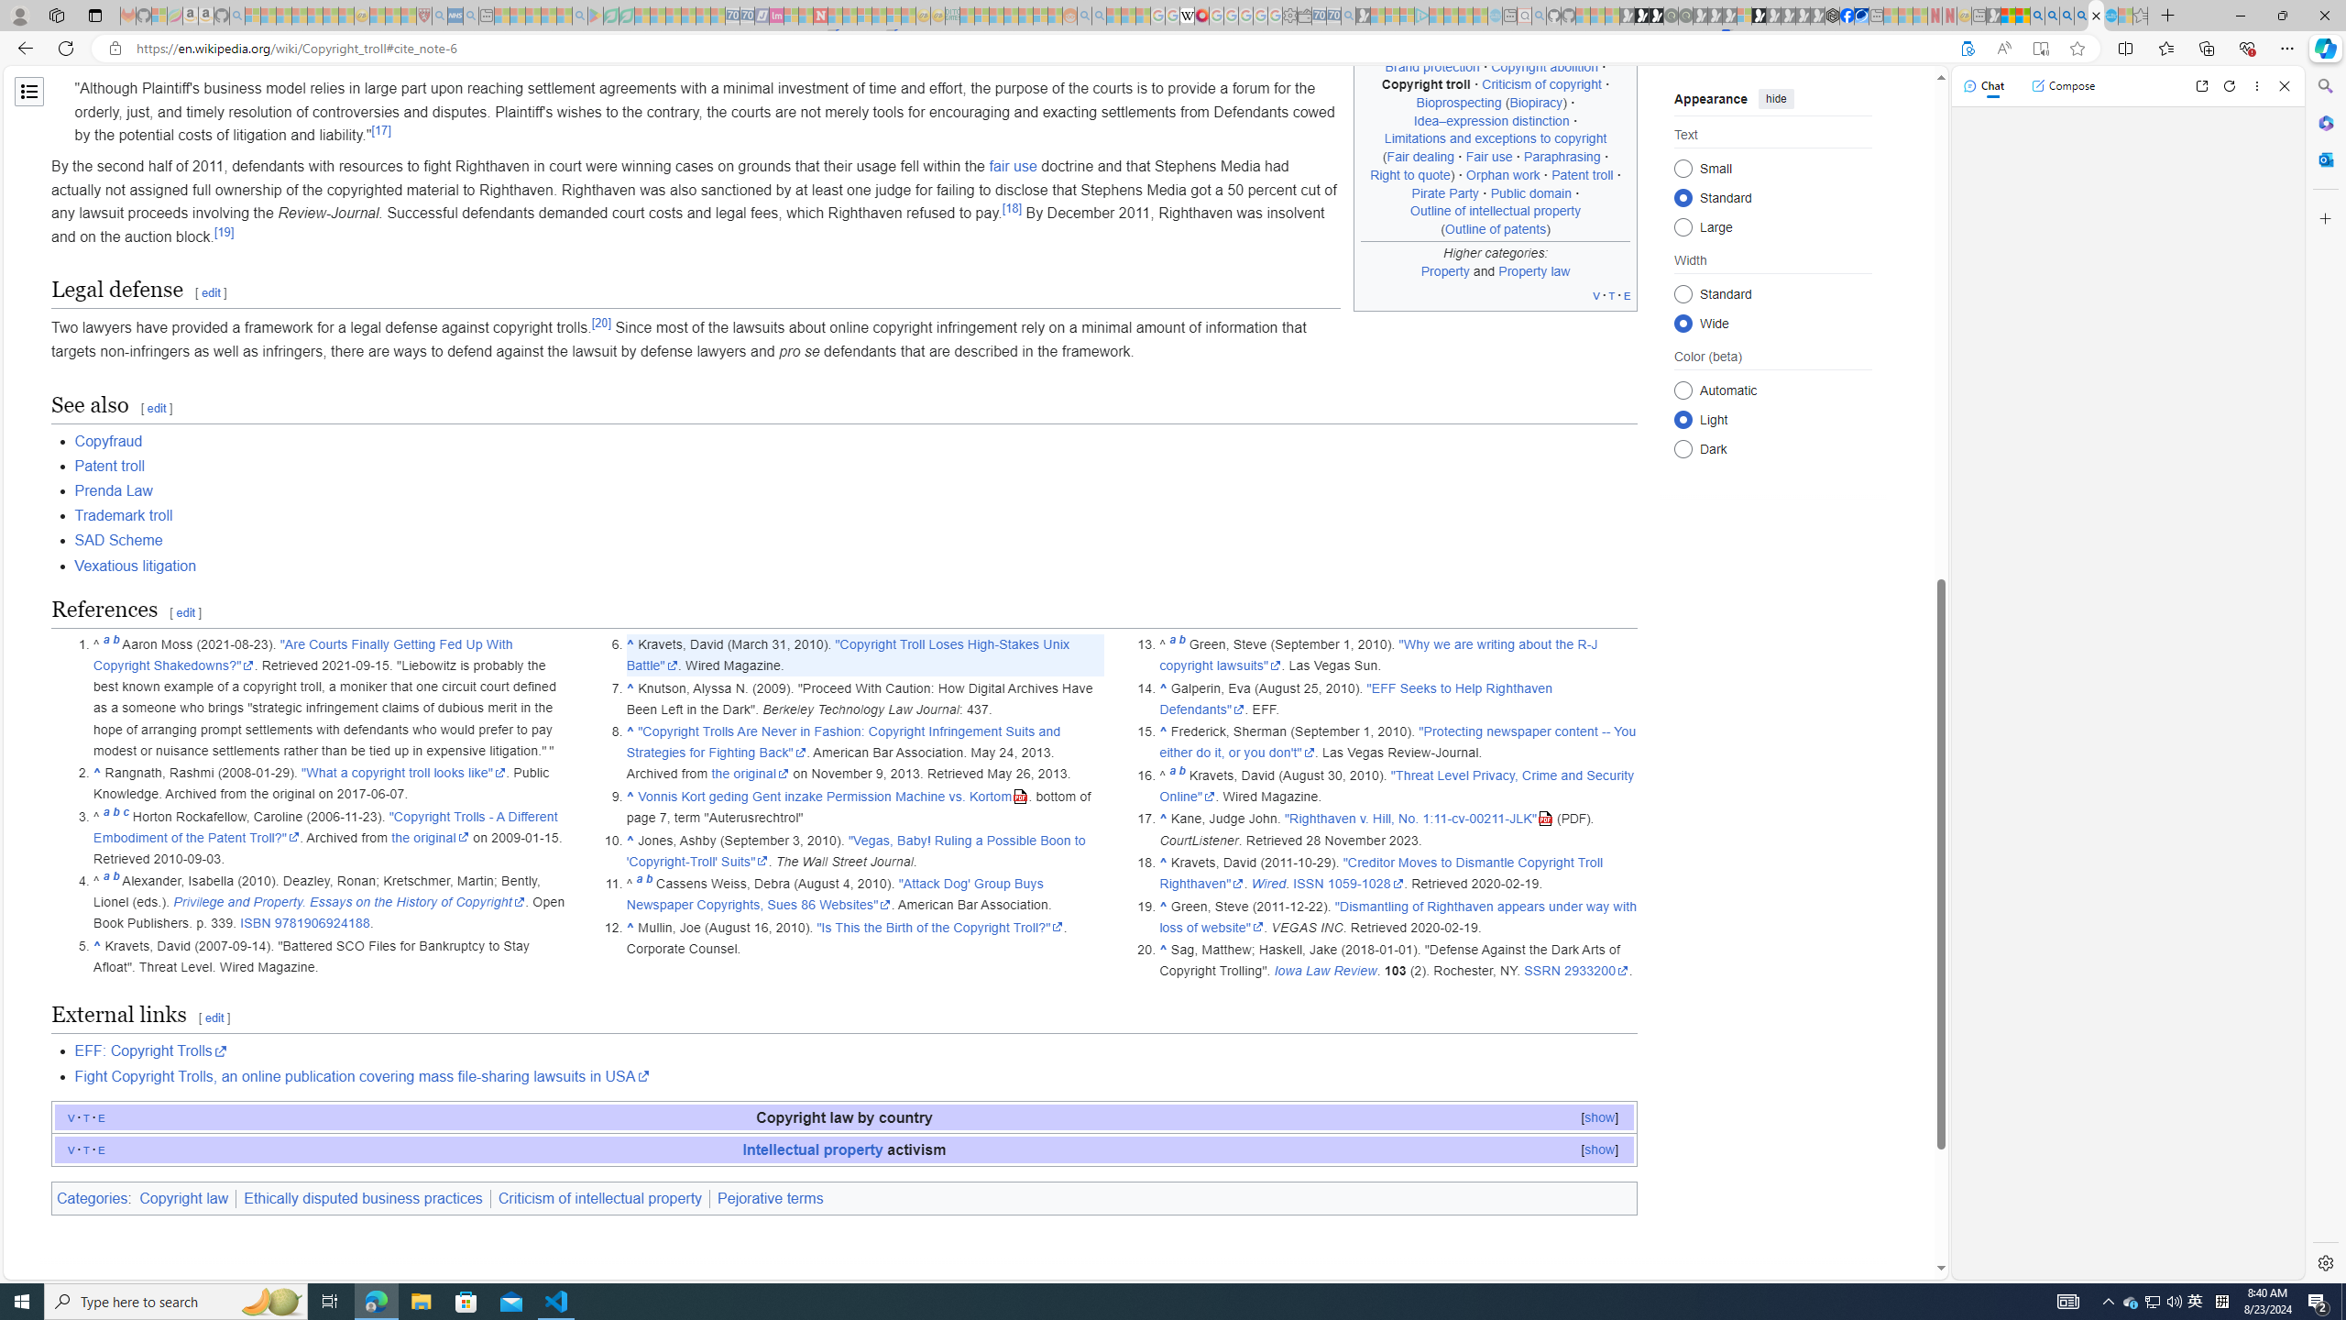 The height and width of the screenshot is (1320, 2346). What do you see at coordinates (1530, 192) in the screenshot?
I see `'Public domain'` at bounding box center [1530, 192].